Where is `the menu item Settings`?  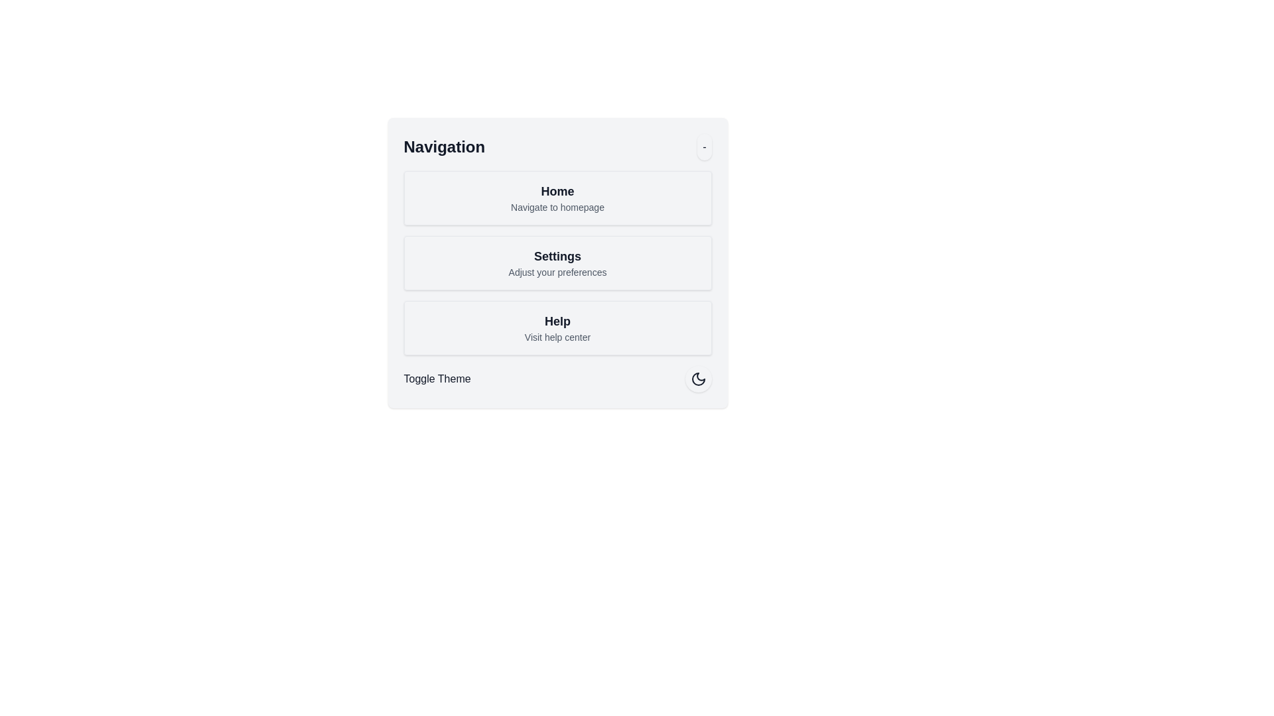
the menu item Settings is located at coordinates (557, 263).